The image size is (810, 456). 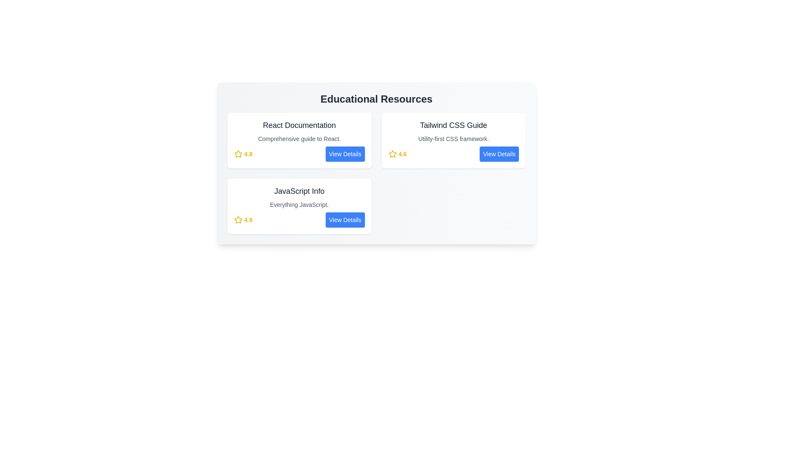 I want to click on the description of the resource titled 'React Documentation', so click(x=299, y=138).